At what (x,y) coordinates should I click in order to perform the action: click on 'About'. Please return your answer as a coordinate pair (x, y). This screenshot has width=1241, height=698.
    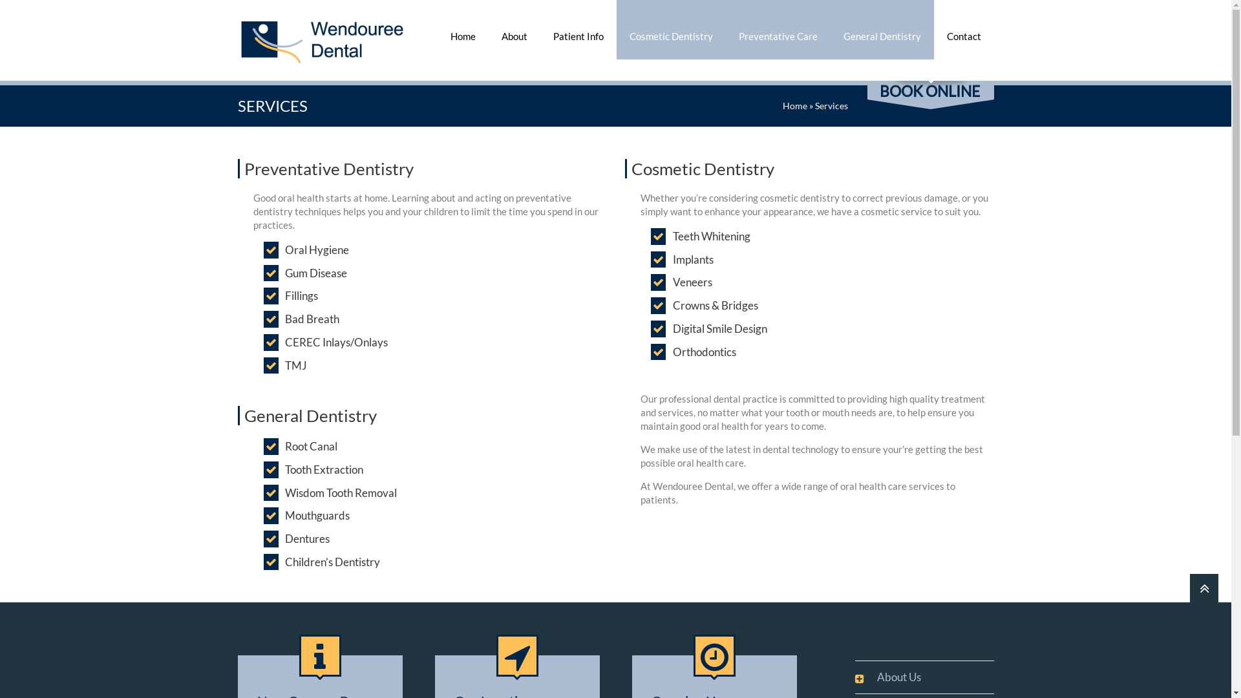
    Looking at the image, I should click on (487, 29).